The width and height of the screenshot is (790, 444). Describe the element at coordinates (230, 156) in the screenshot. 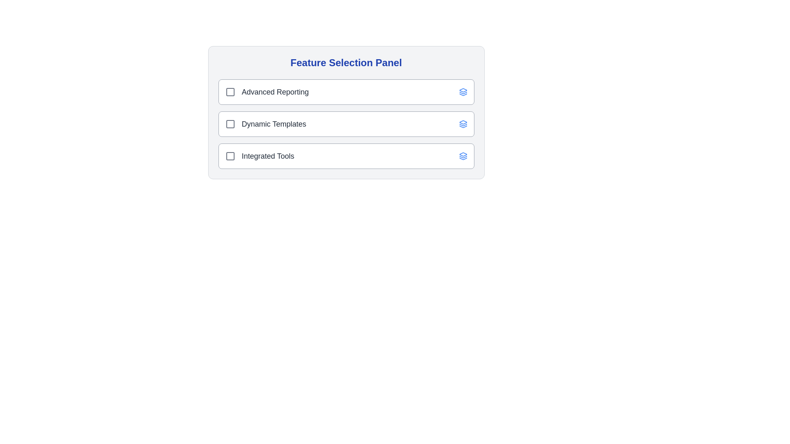

I see `the checkbox for 'Integrated Tools' located in the third row of the 'Feature Selection Panel'` at that location.